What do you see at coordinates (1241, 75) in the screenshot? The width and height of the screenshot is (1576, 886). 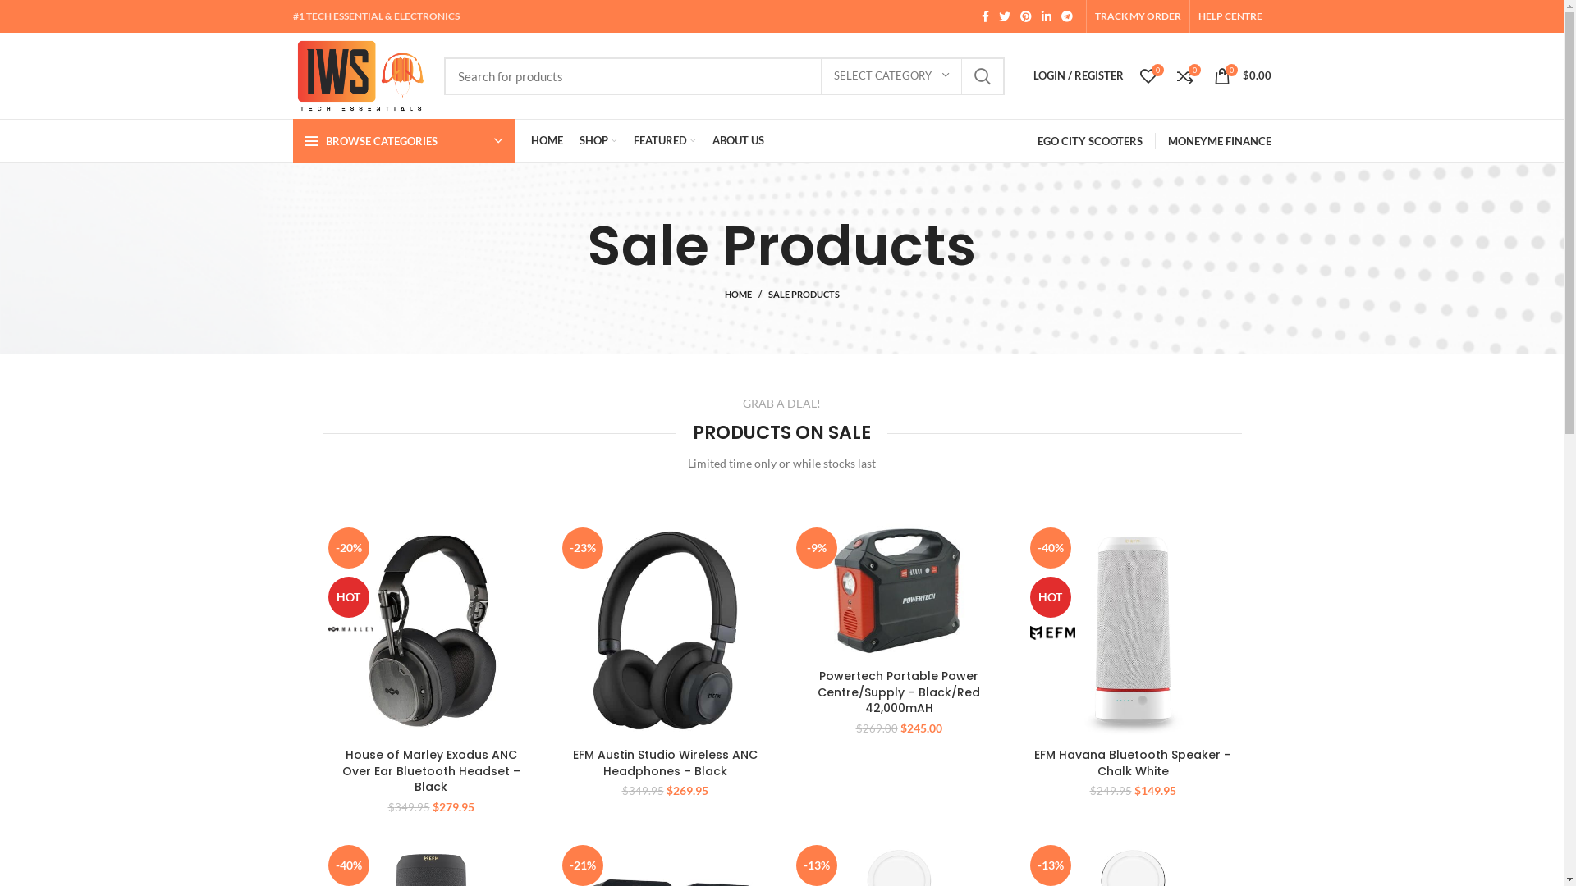 I see `'0` at bounding box center [1241, 75].